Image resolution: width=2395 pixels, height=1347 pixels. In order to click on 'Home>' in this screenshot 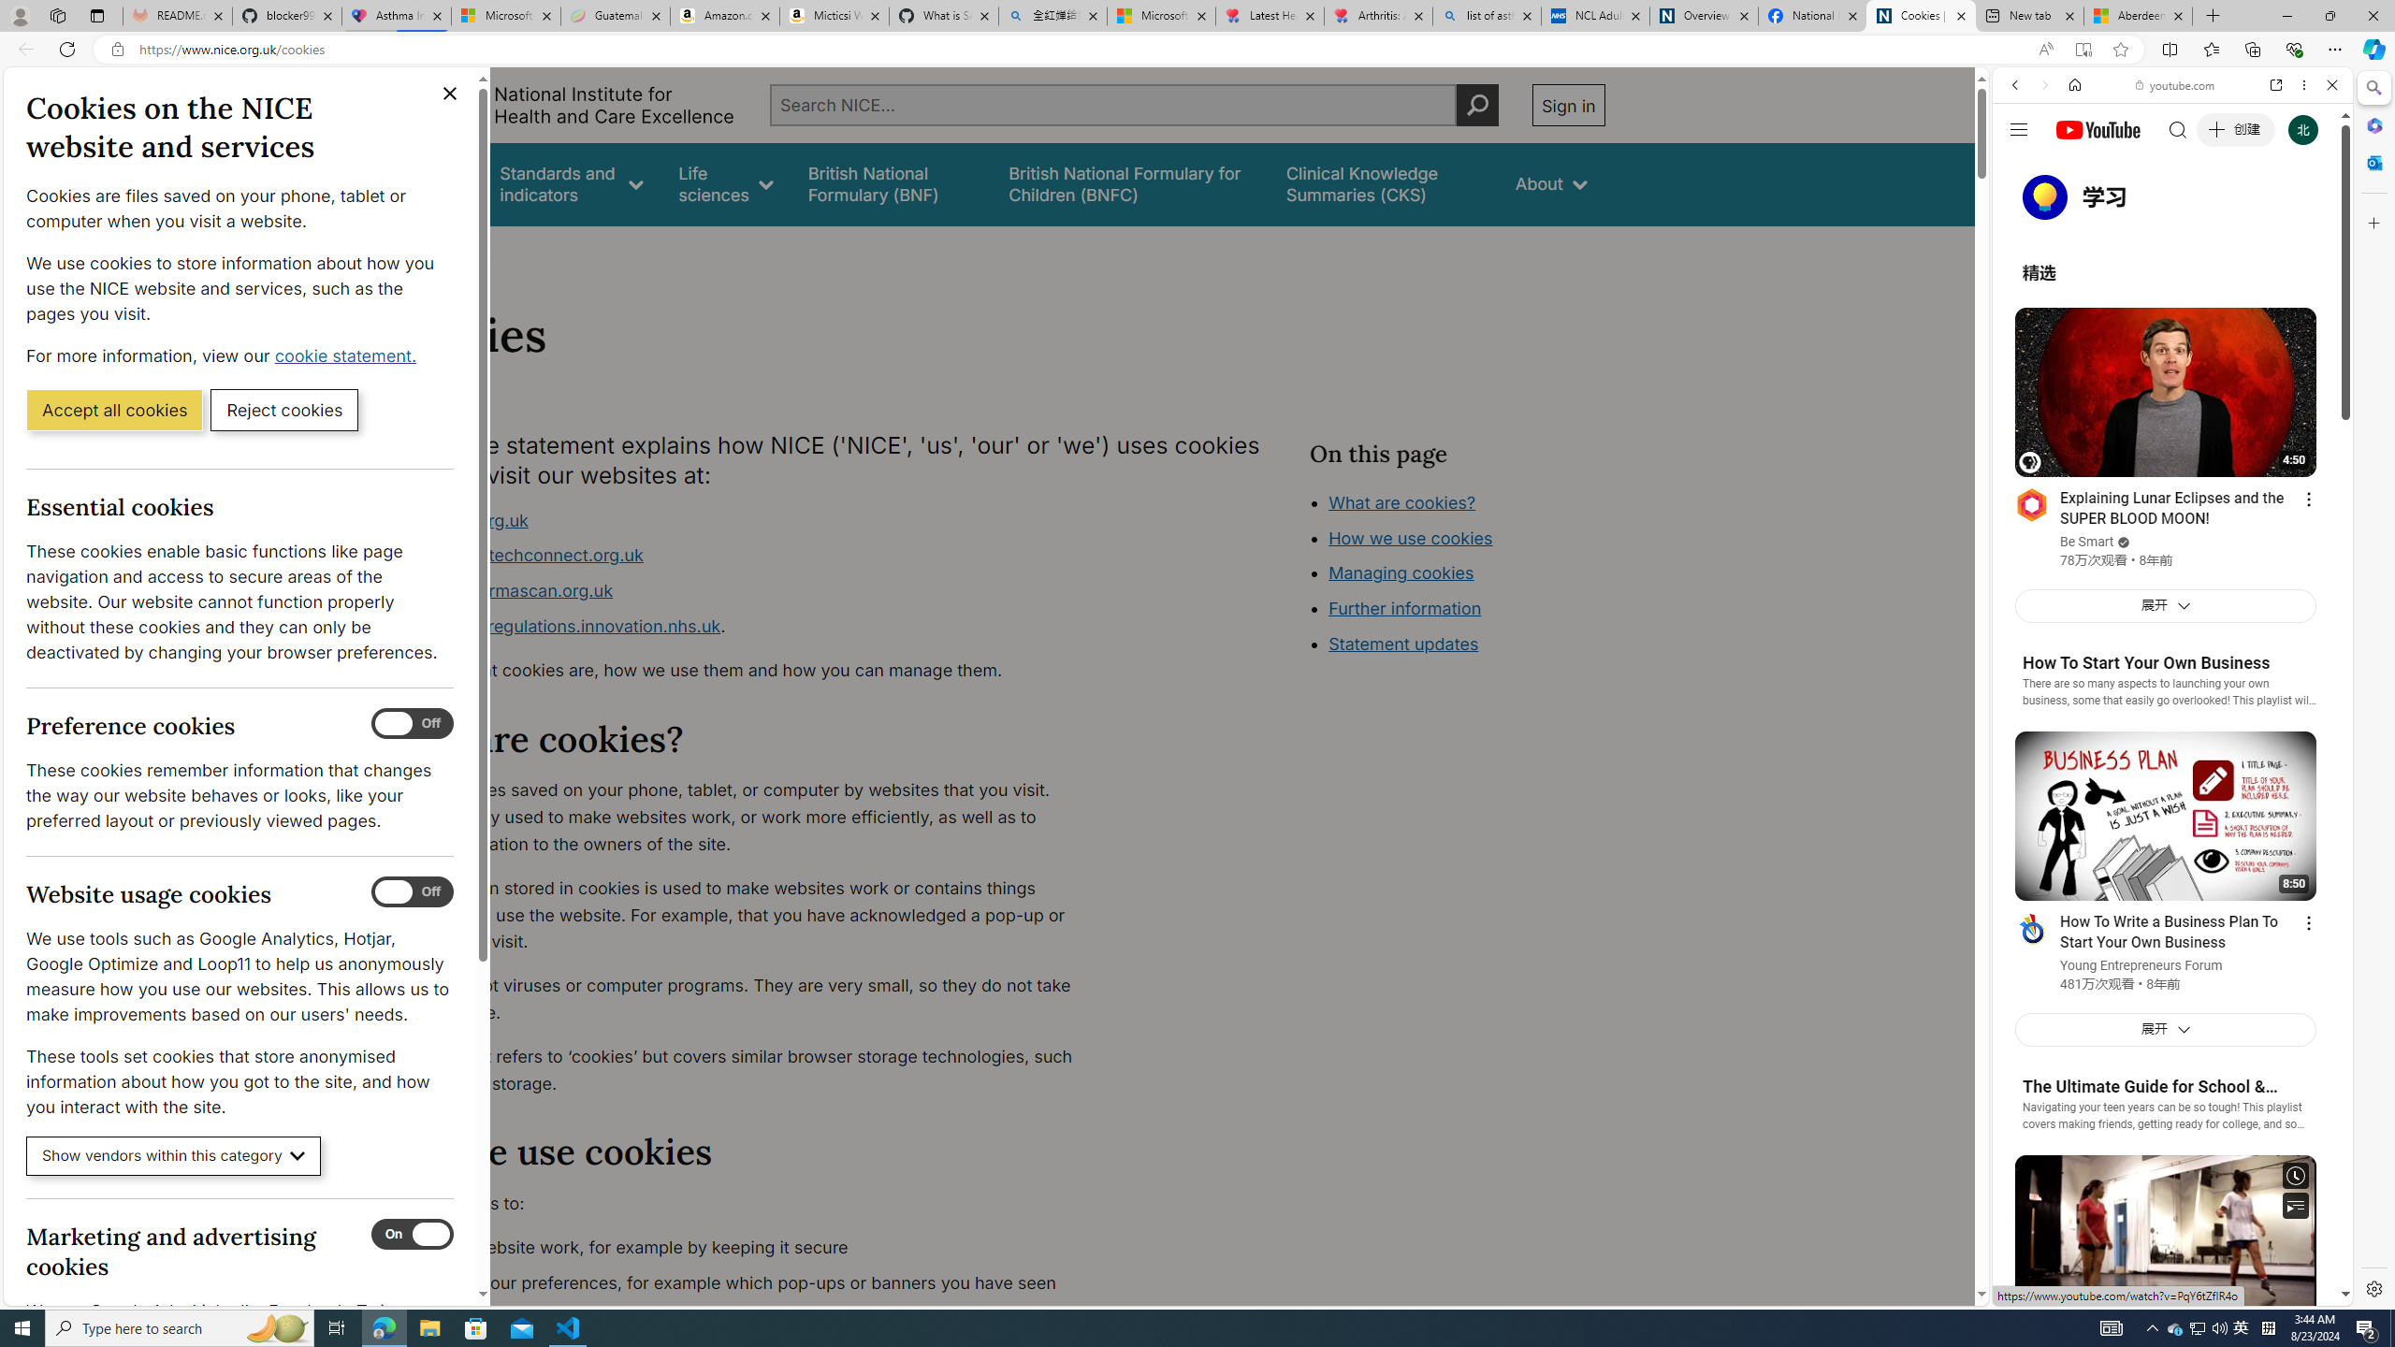, I will do `click(404, 251)`.